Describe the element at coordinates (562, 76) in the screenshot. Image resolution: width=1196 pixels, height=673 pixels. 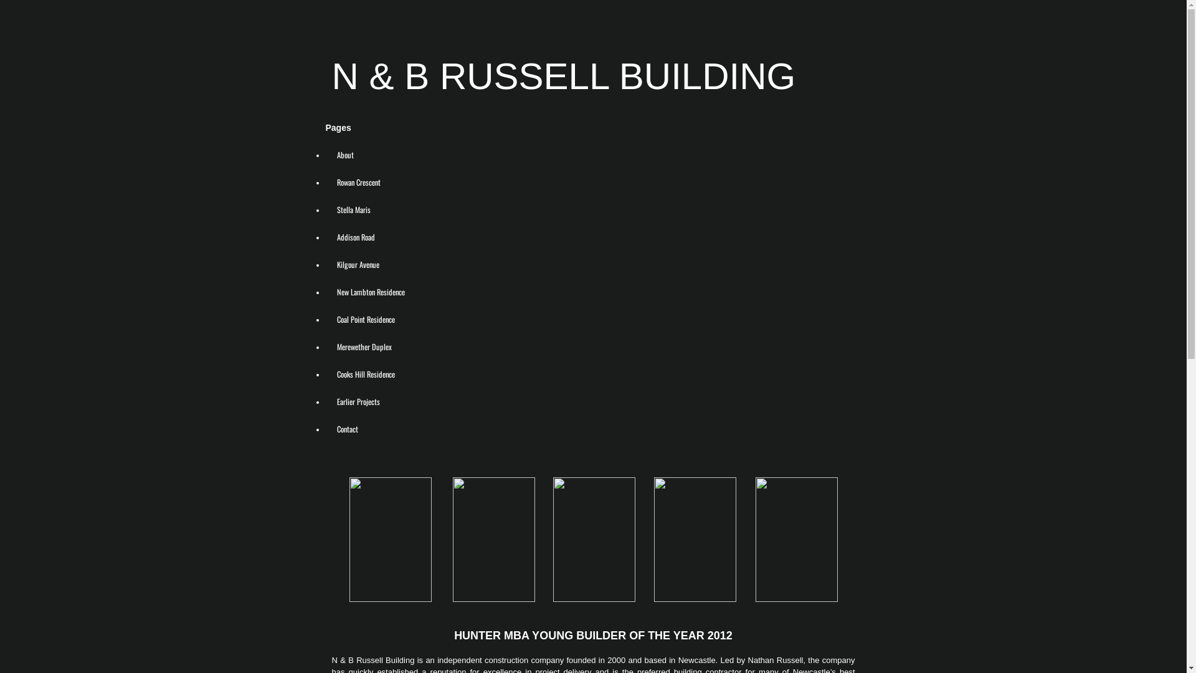
I see `'N & B RUSSELL BUILDING'` at that location.